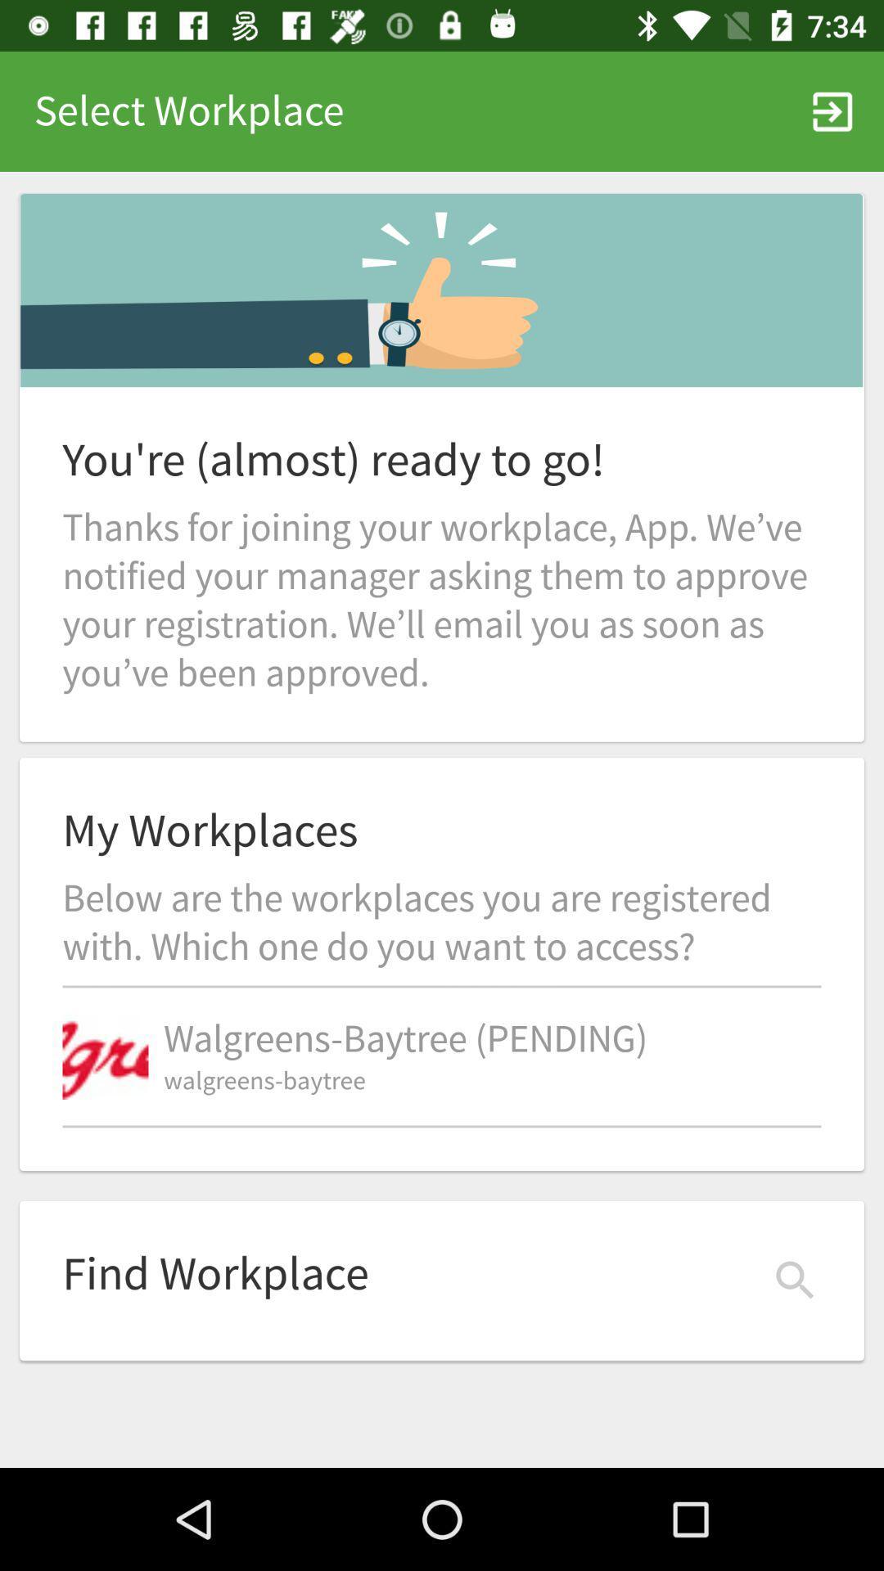  What do you see at coordinates (832, 110) in the screenshot?
I see `item to the right of select workplace` at bounding box center [832, 110].